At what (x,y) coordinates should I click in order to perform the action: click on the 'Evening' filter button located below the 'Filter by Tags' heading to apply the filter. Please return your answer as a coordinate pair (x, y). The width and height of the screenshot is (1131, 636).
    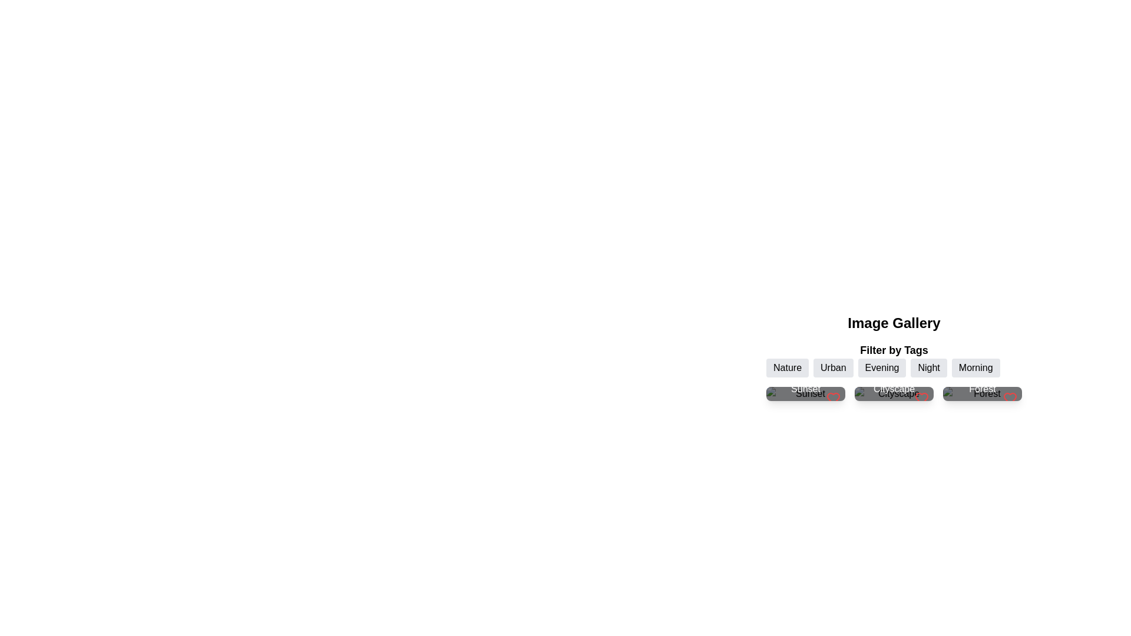
    Looking at the image, I should click on (894, 367).